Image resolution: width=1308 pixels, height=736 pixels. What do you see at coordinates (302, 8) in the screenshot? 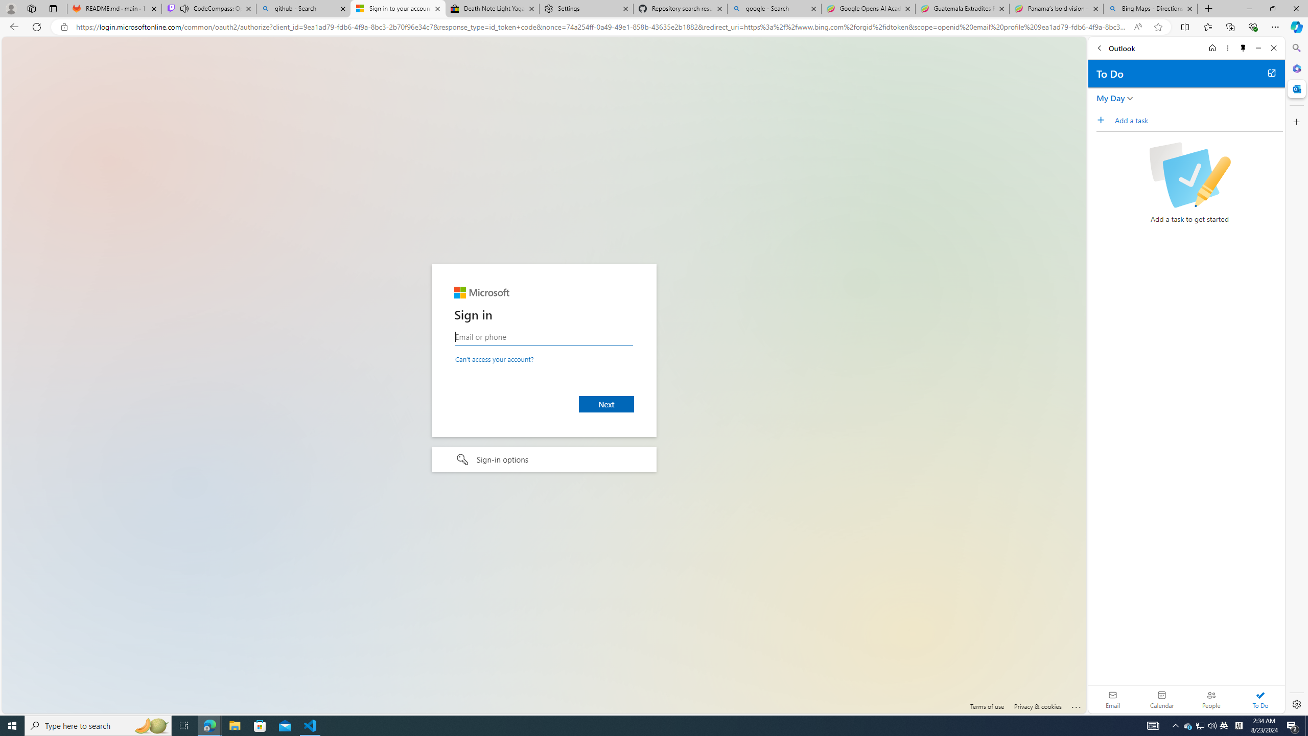
I see `'github - Search'` at bounding box center [302, 8].